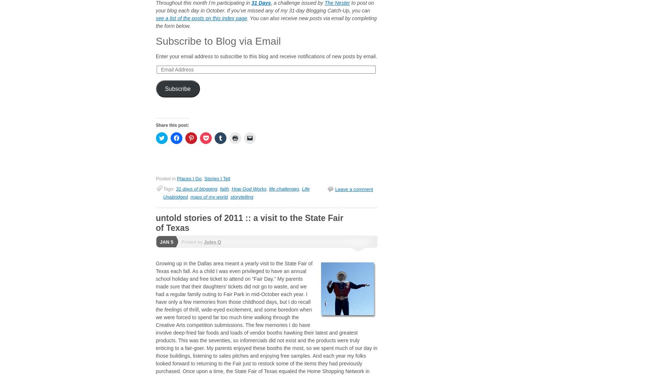 This screenshot has height=376, width=647. I want to click on '31 Days', so click(261, 3).